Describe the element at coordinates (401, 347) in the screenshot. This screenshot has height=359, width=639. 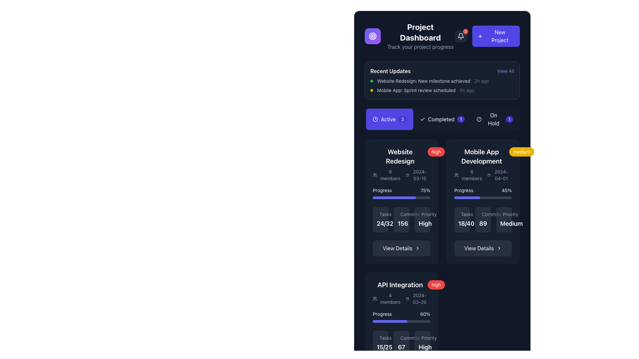
I see `the numeric text label displaying '67' in bold and large font, located under the 'Commits' label in the 'API Integration' section of the lower-left card` at that location.